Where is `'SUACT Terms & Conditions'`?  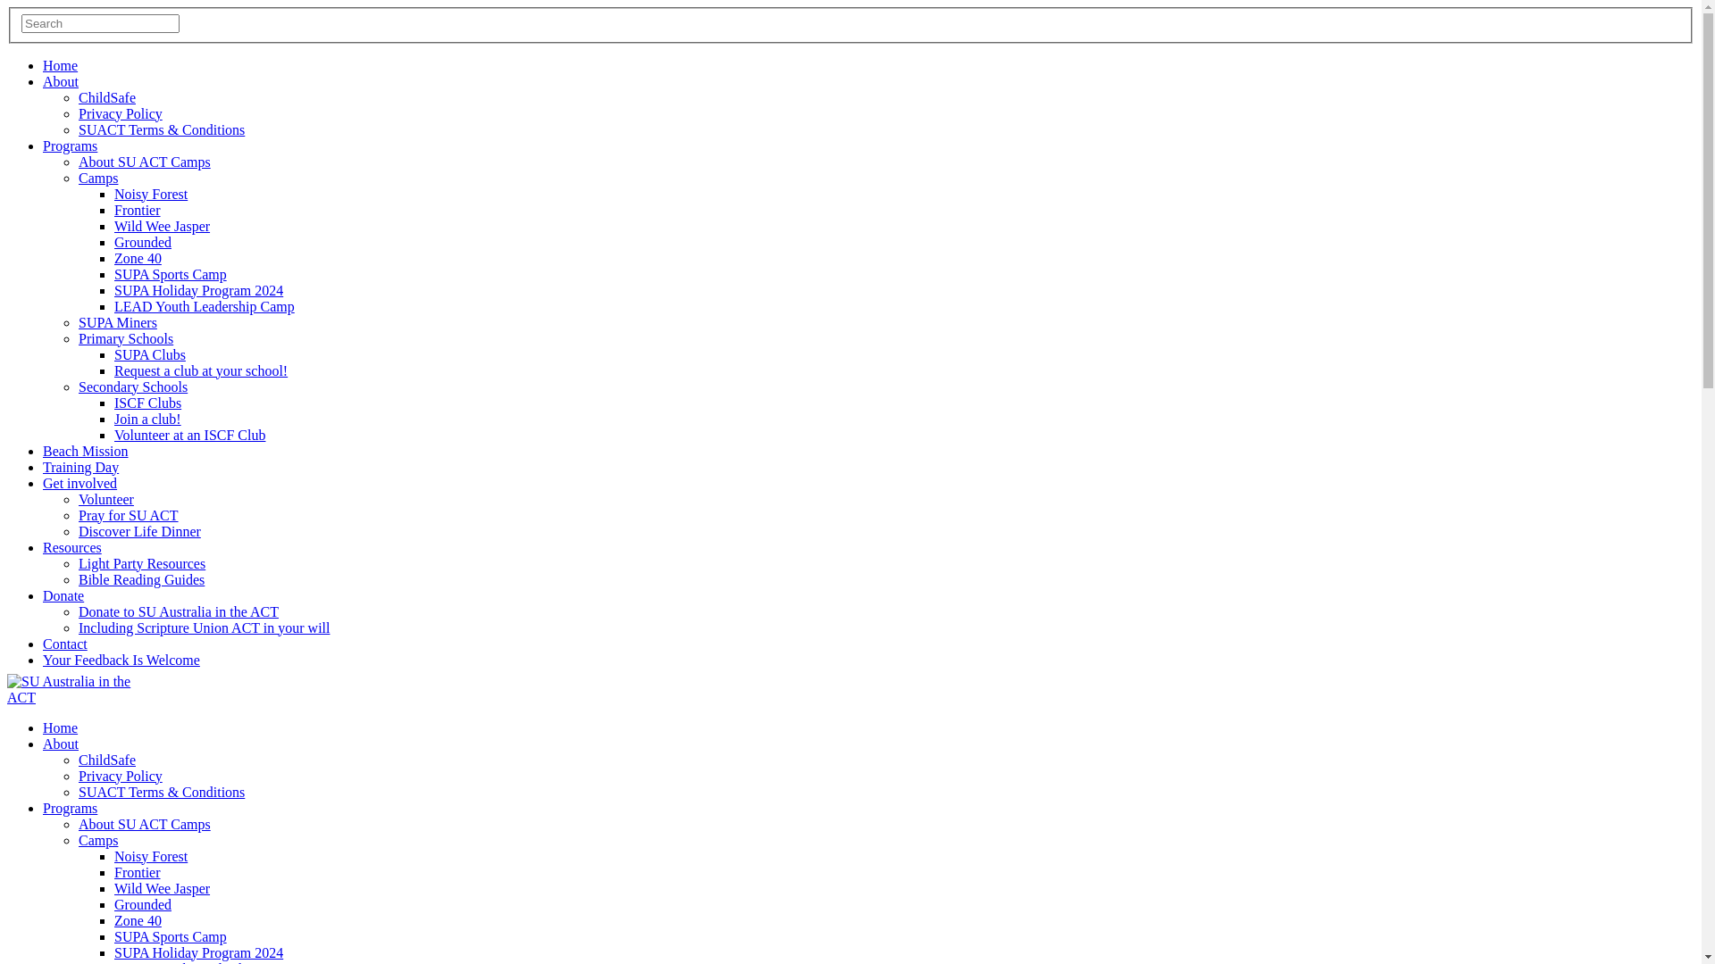
'SUACT Terms & Conditions' is located at coordinates (162, 791).